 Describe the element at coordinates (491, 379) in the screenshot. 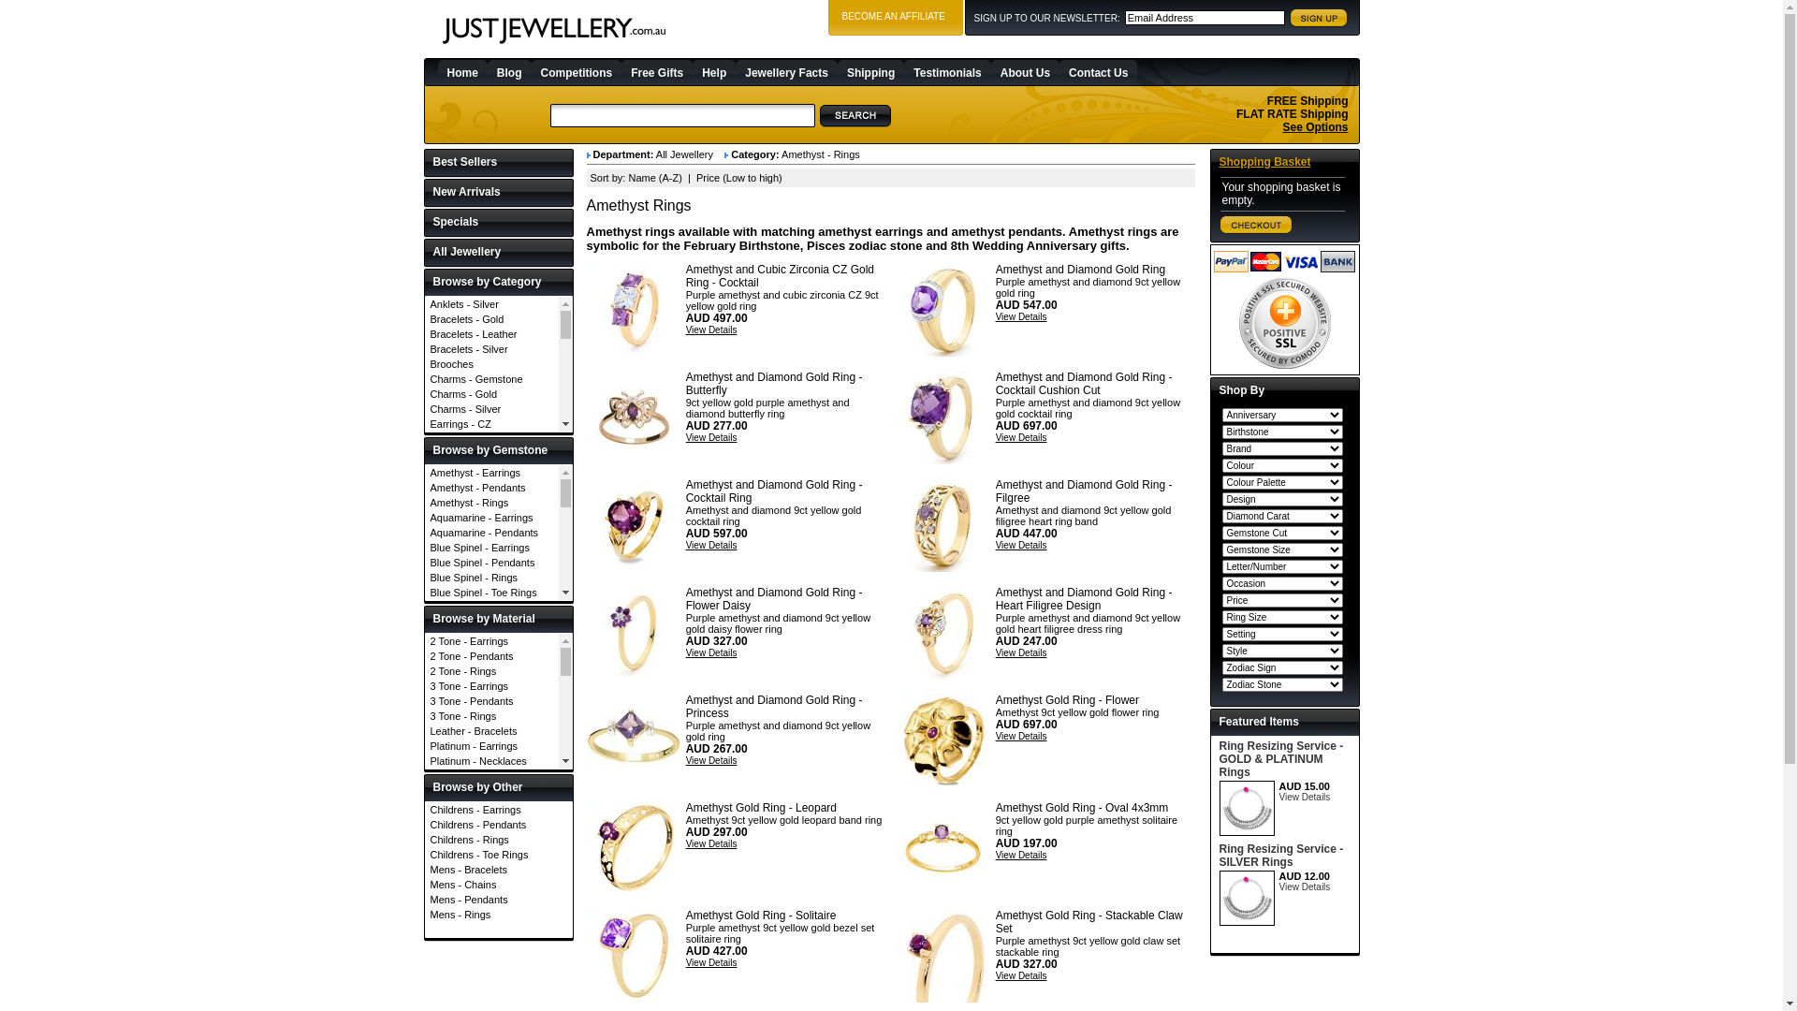

I see `'Charms - Gemstone'` at that location.